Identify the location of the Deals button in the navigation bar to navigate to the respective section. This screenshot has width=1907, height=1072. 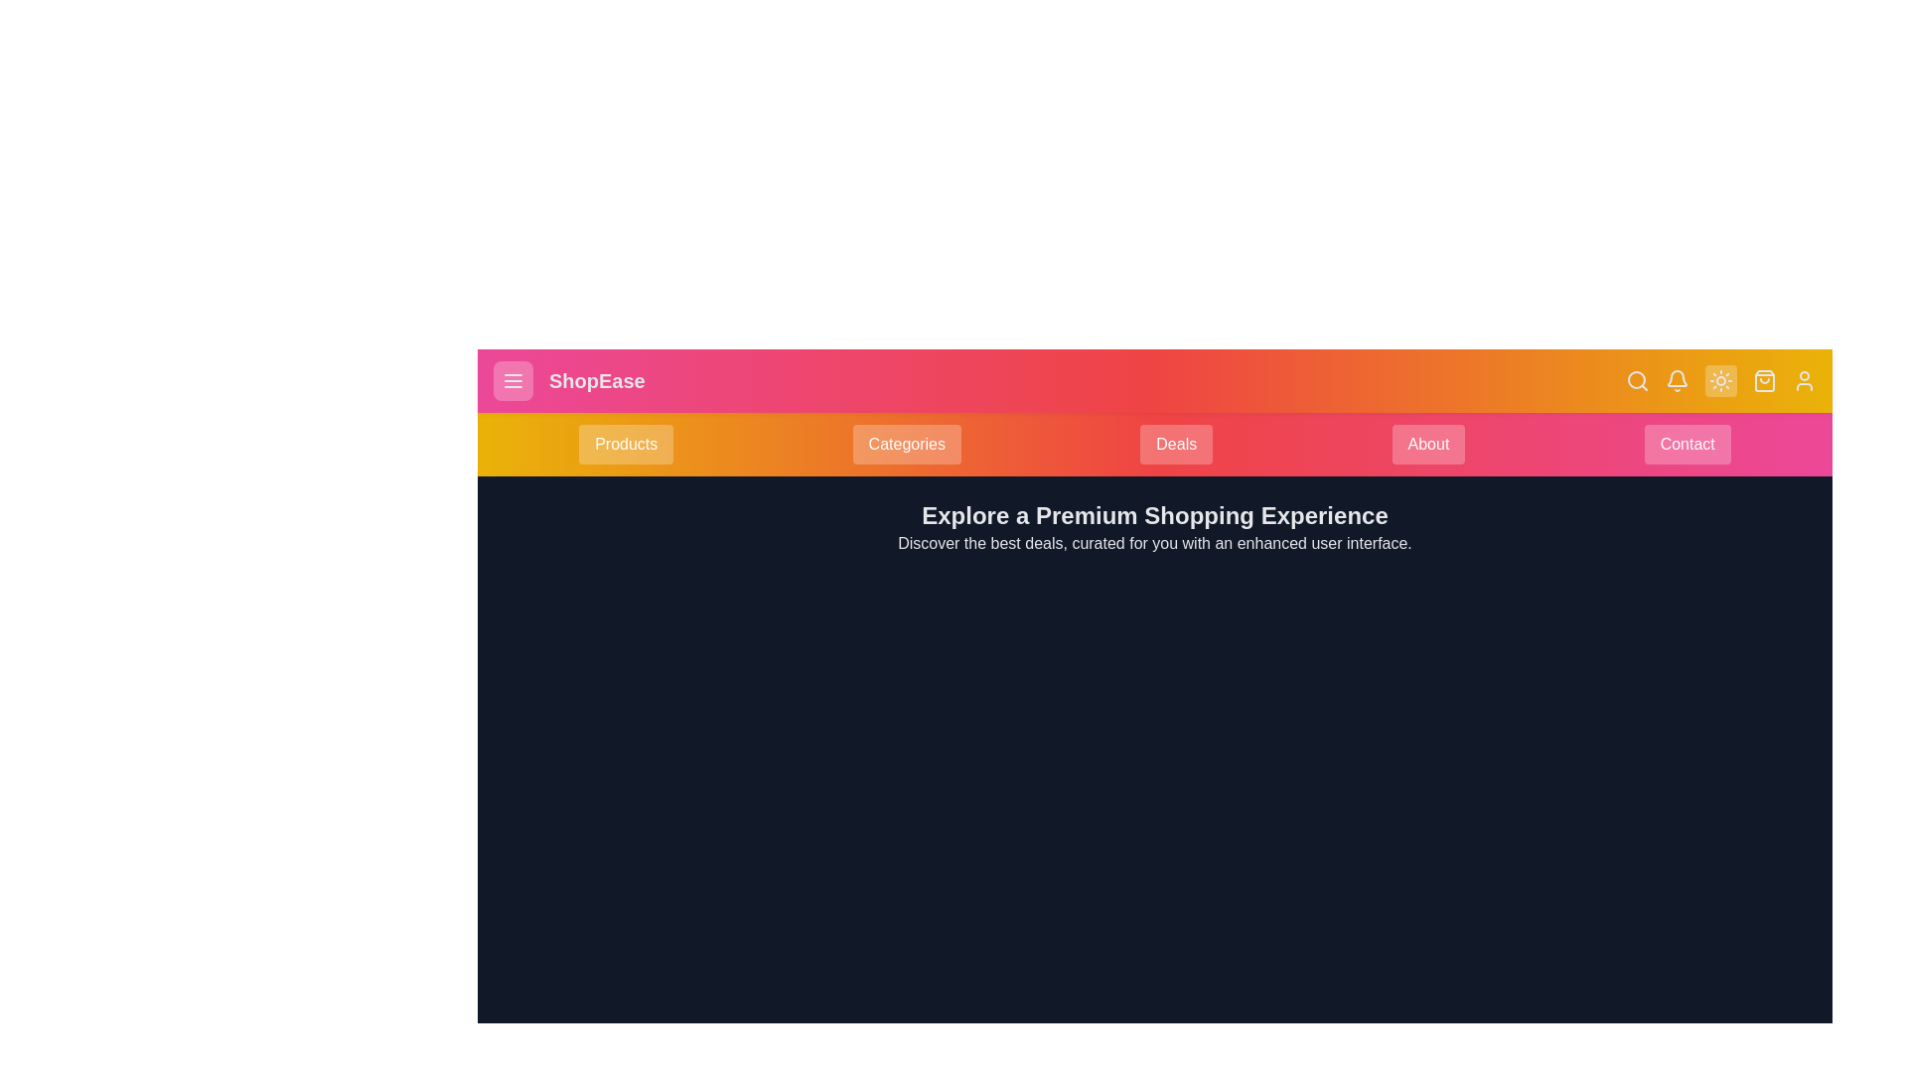
(1177, 443).